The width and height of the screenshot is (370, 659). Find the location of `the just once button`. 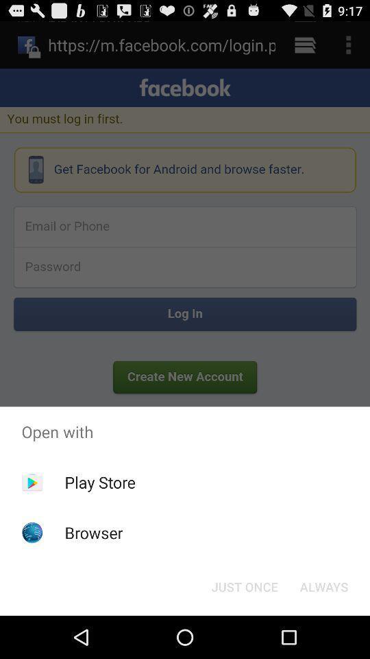

the just once button is located at coordinates (244, 586).